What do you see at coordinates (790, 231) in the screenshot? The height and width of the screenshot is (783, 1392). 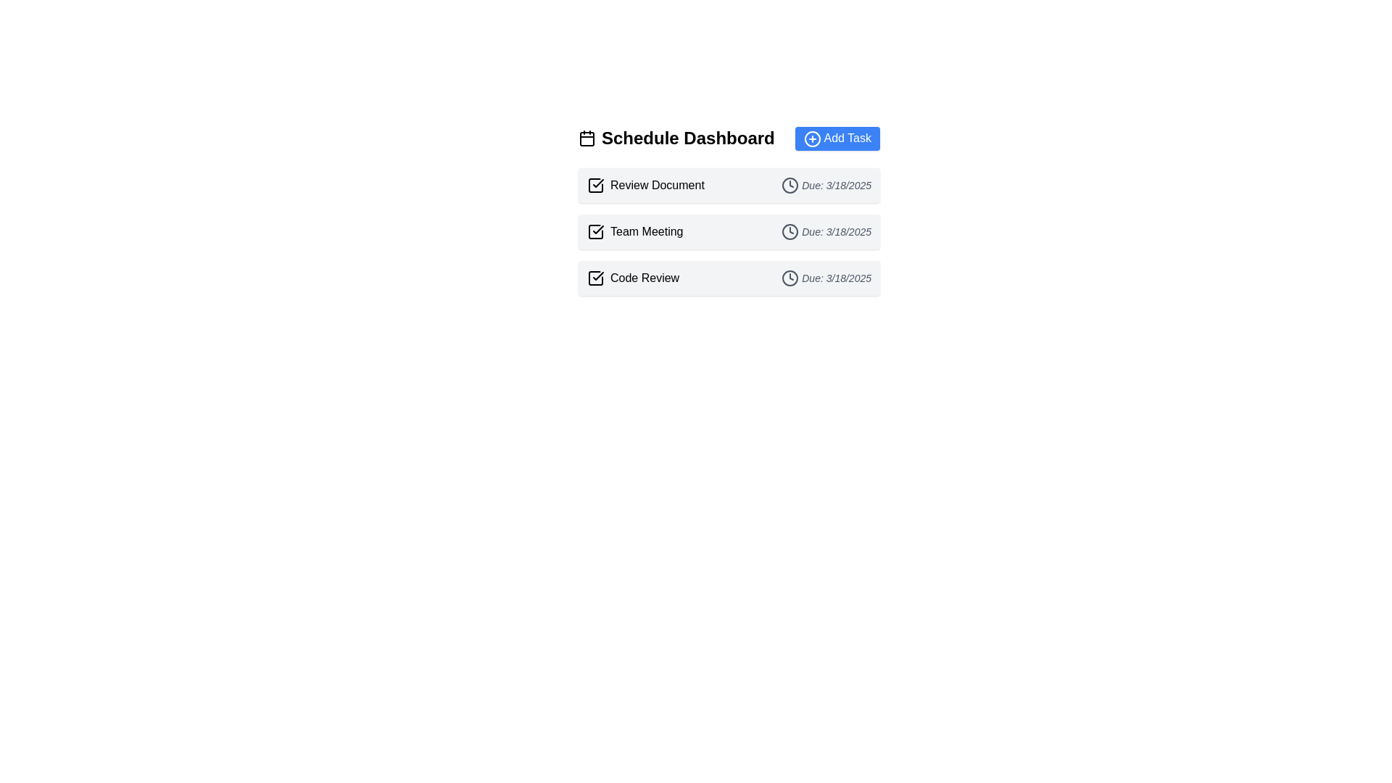 I see `the time-related indicator icon located in the second row of the task list next to the text 'Due: 3/18/2025'` at bounding box center [790, 231].